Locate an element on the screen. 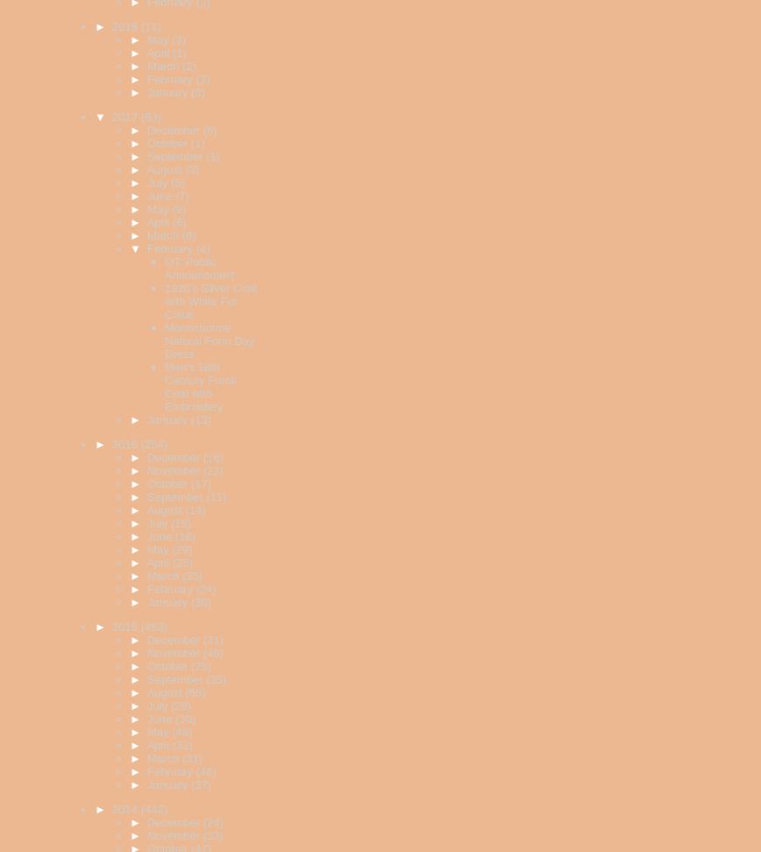  '2015' is located at coordinates (126, 626).